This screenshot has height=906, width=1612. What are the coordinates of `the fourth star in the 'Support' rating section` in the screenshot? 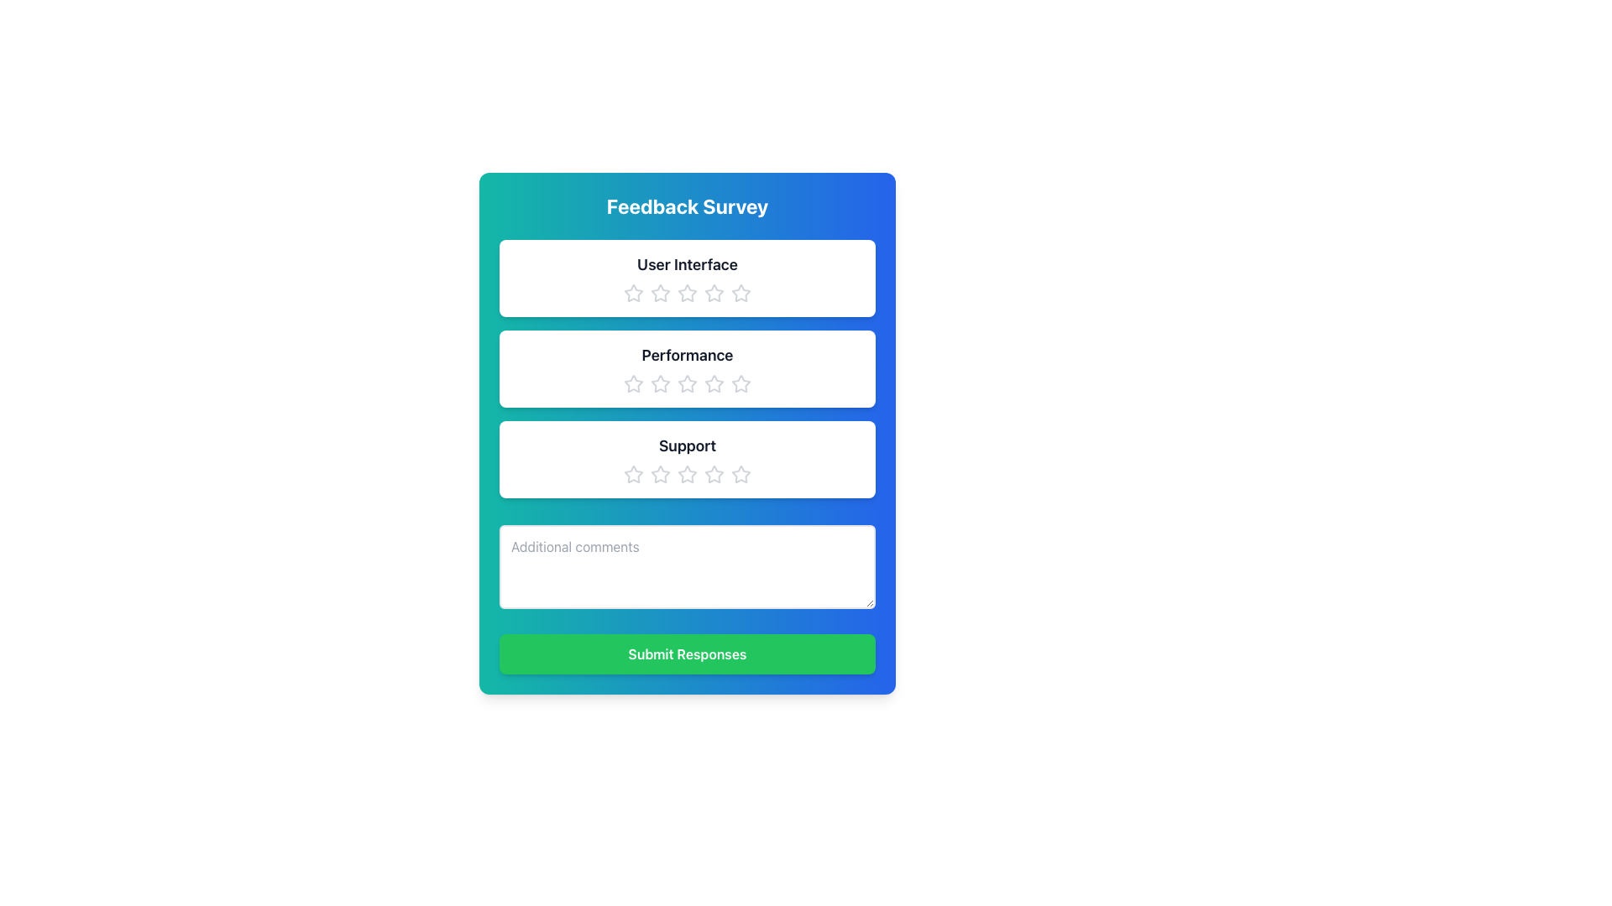 It's located at (688, 475).